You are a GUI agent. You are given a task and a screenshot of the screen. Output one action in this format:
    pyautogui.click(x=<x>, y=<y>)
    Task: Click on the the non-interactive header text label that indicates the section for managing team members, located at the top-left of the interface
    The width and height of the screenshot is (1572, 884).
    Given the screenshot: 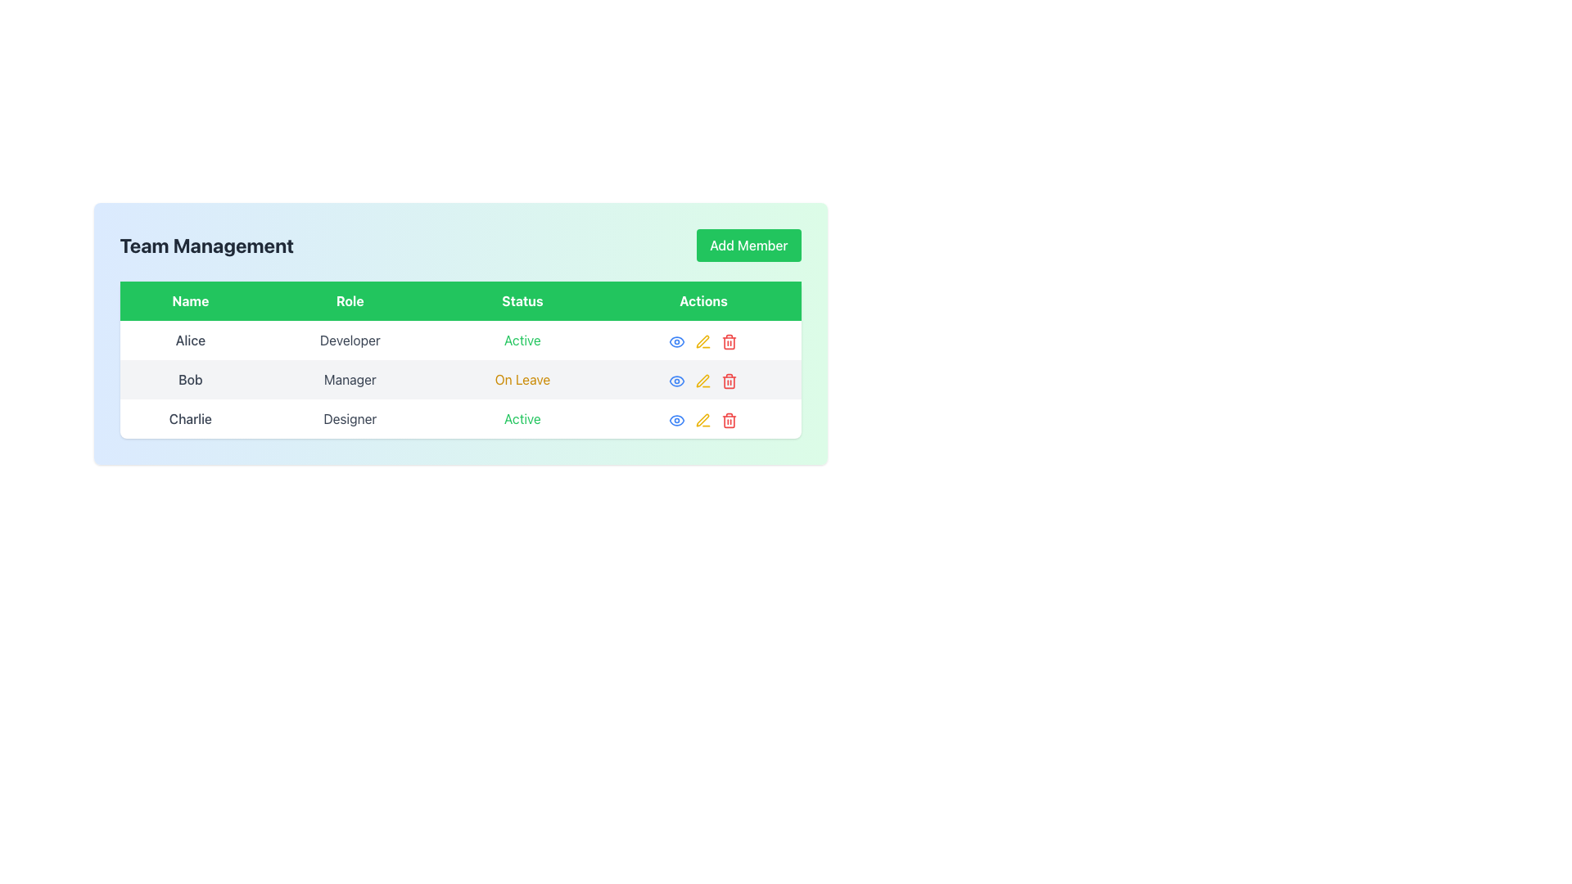 What is the action you would take?
    pyautogui.click(x=206, y=246)
    